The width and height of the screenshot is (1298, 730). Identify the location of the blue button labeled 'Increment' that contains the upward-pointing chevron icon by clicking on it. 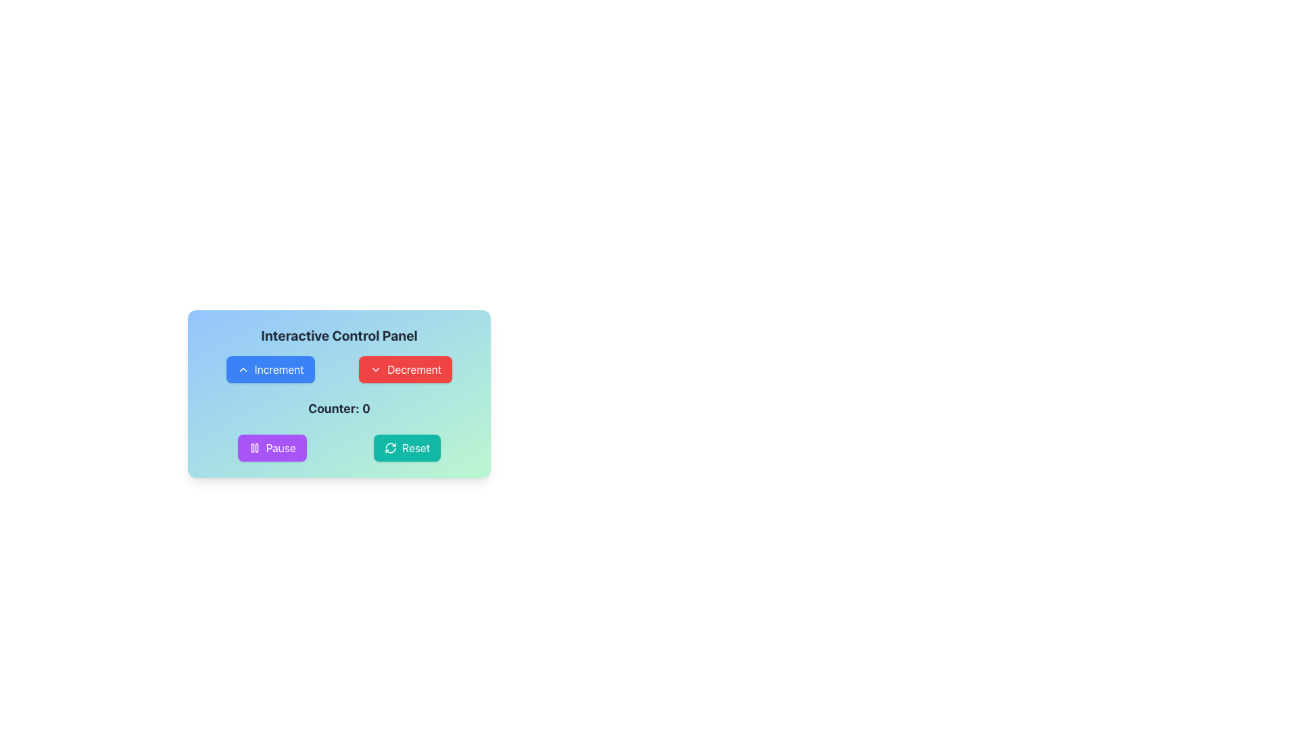
(243, 370).